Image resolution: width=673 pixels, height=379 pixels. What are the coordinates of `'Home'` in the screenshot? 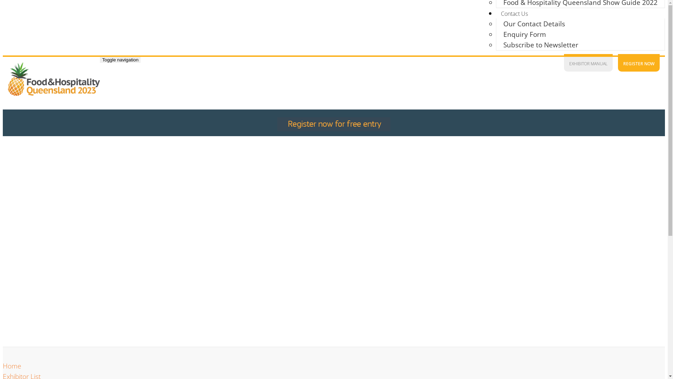 It's located at (12, 365).